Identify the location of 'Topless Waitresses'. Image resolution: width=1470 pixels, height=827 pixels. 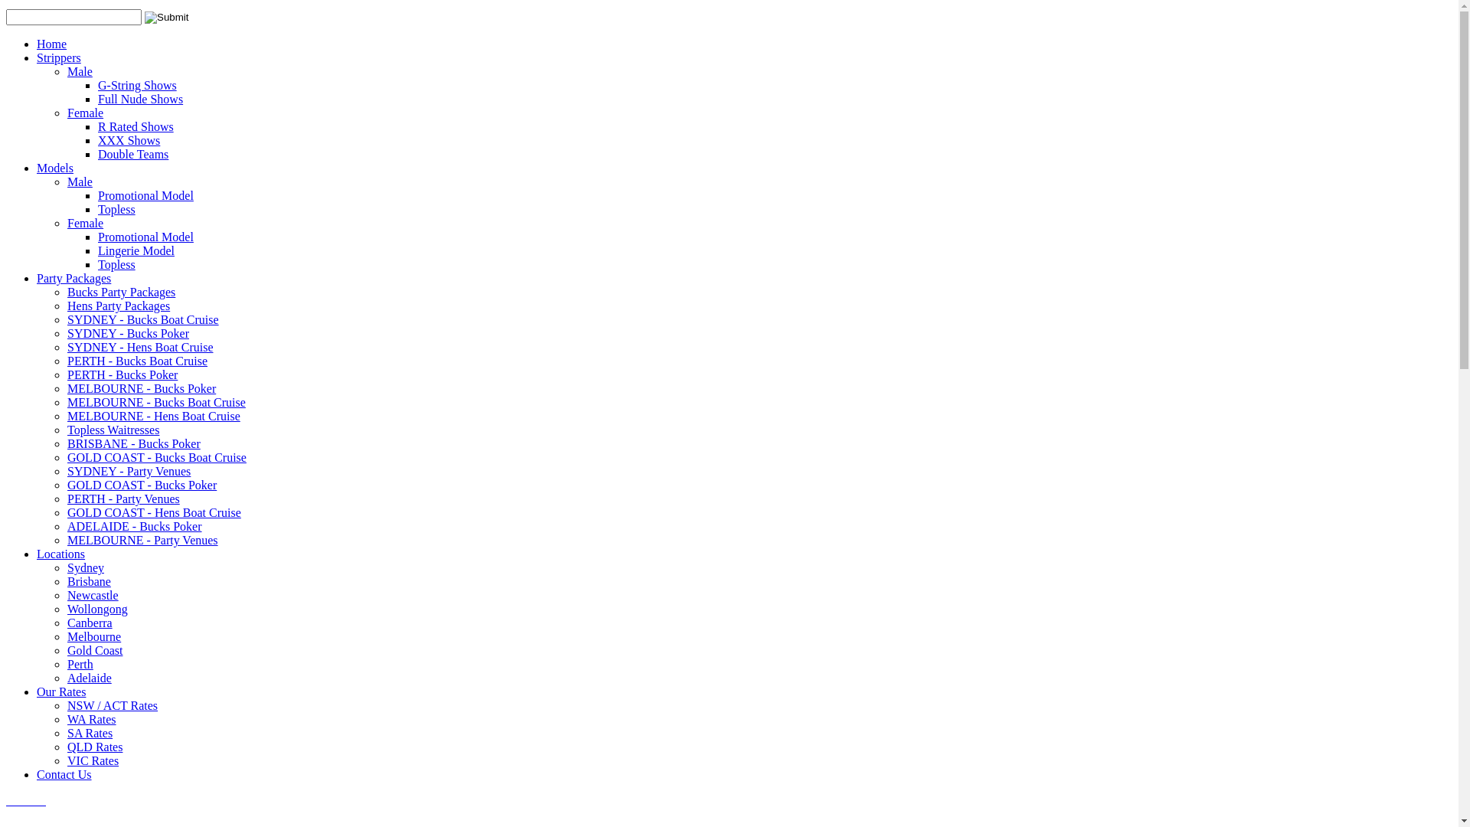
(113, 430).